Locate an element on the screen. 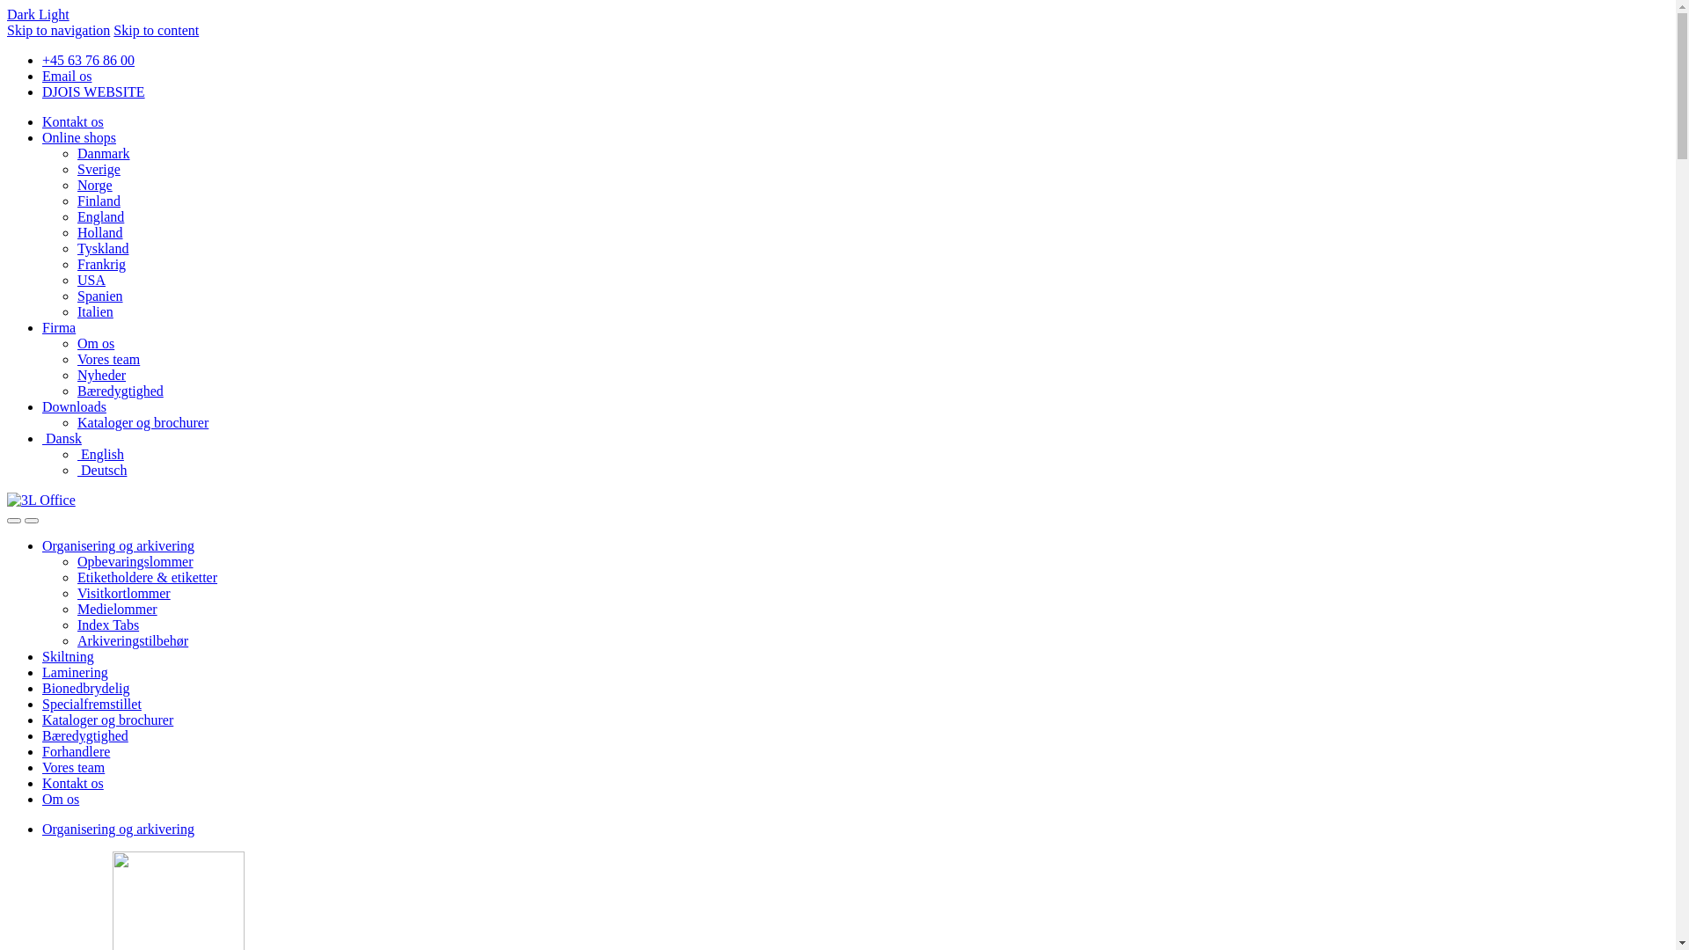 This screenshot has width=1689, height=950. 'Sverige' is located at coordinates (98, 169).